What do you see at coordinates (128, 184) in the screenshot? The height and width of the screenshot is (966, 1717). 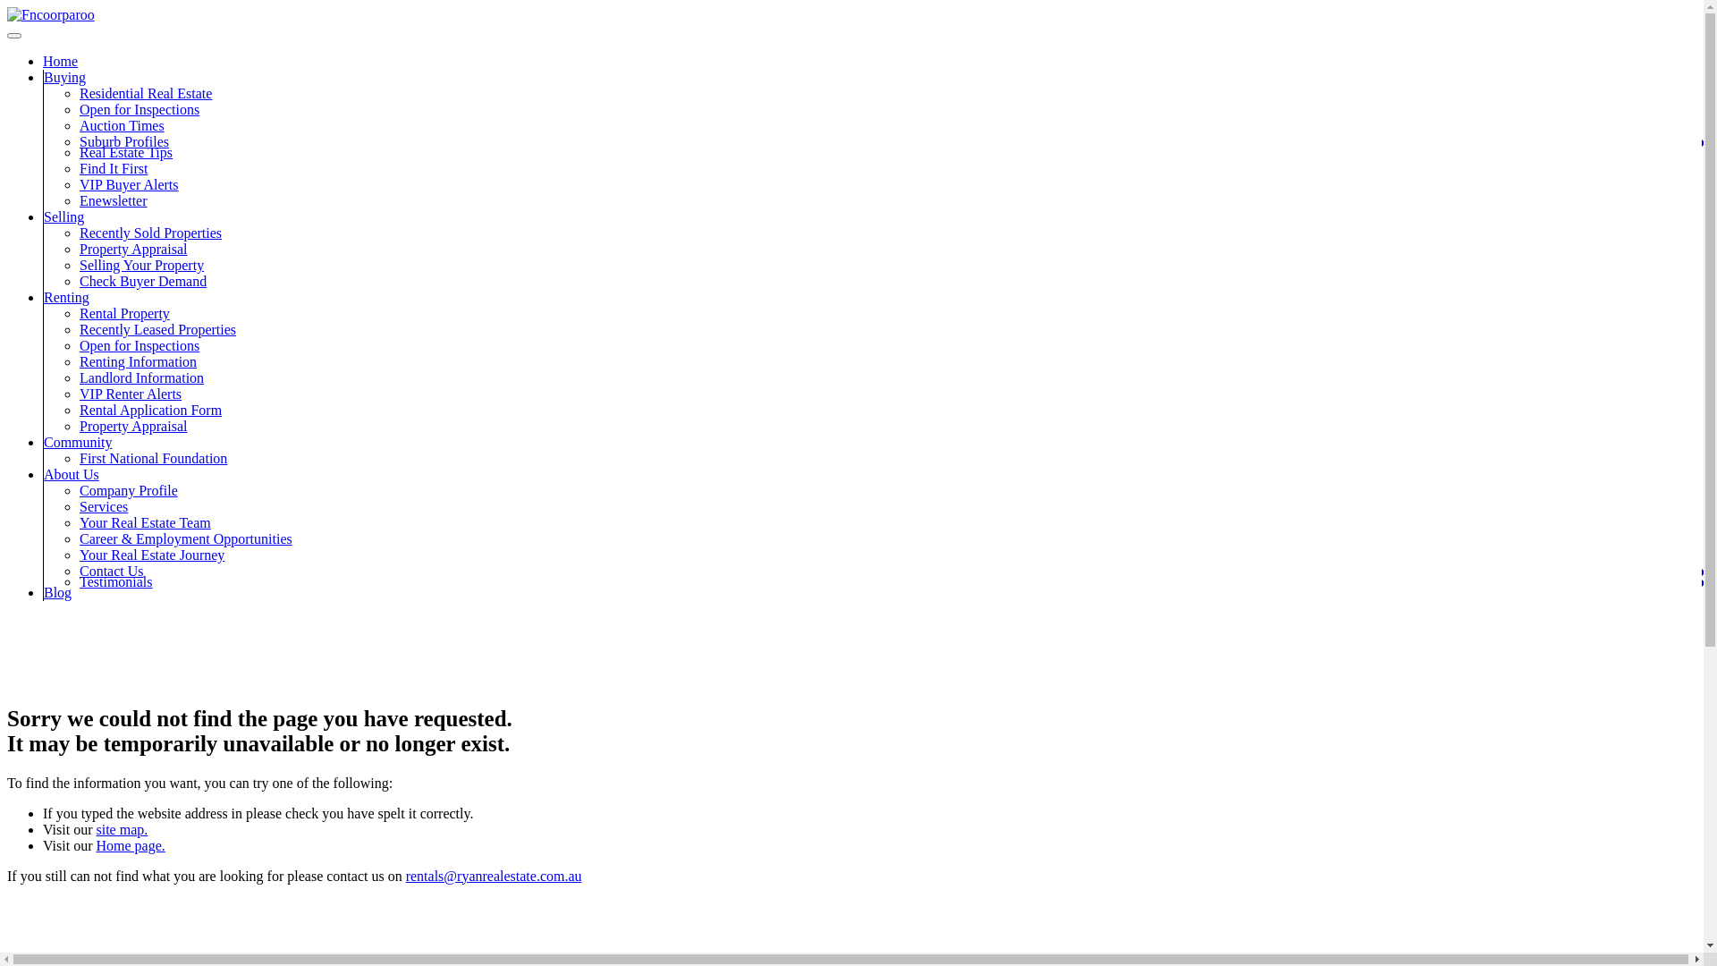 I see `'VIP Buyer Alerts'` at bounding box center [128, 184].